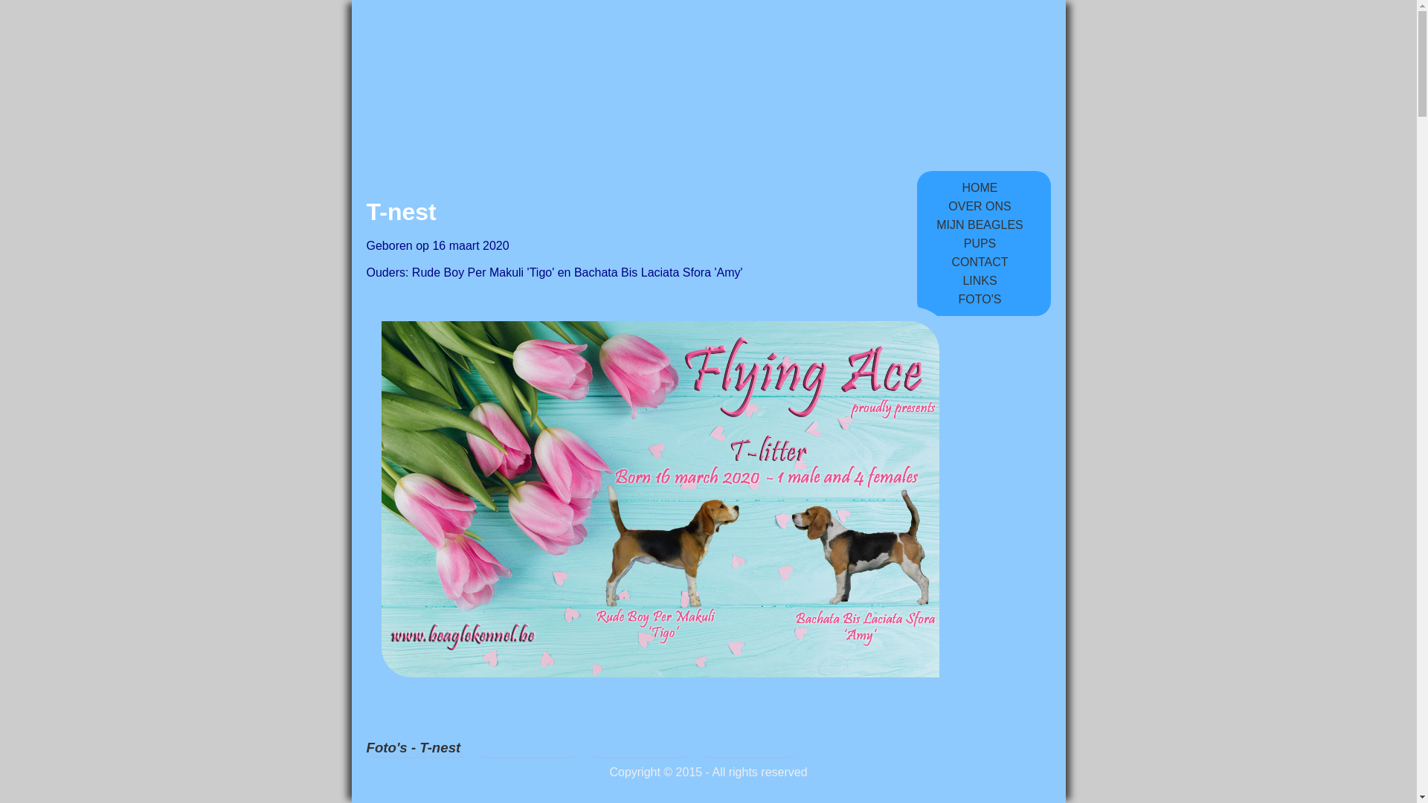  Describe the element at coordinates (923, 225) in the screenshot. I see `'MIJN BEAGLES'` at that location.